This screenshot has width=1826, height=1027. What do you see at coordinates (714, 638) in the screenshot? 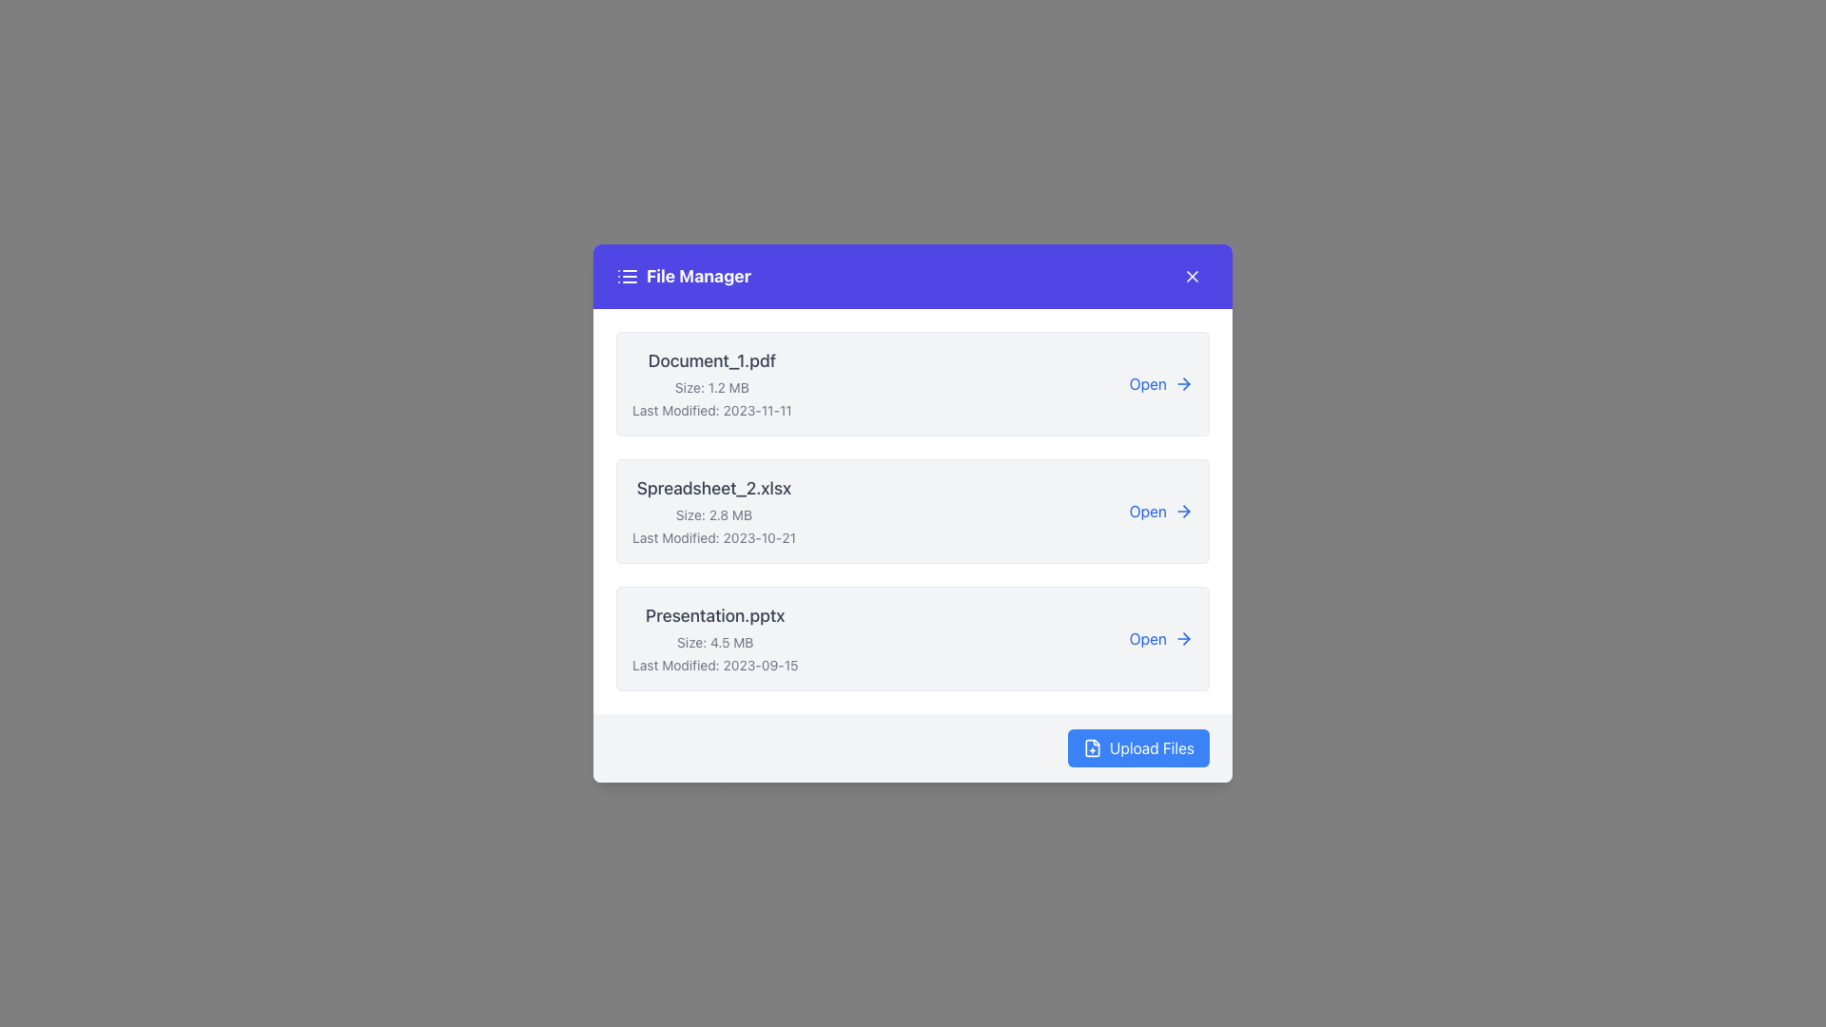
I see `file details displayed for 'Presentation.pptx', which includes its size and last modified date, located in the third row of the file manager interface` at bounding box center [714, 638].